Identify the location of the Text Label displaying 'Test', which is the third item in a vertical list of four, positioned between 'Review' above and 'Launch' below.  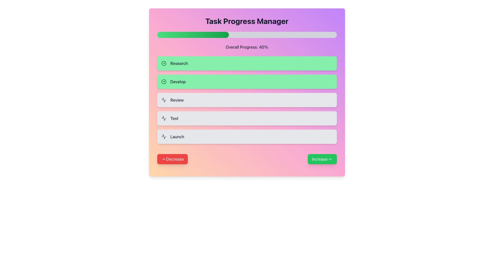
(174, 118).